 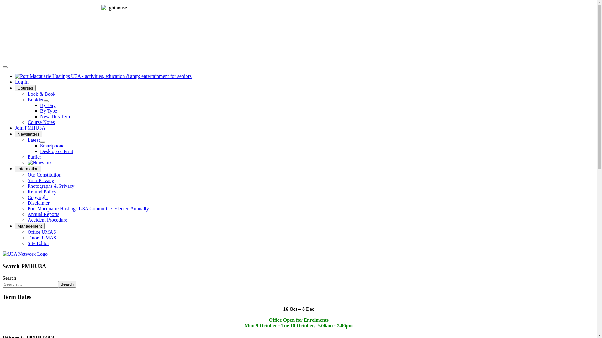 What do you see at coordinates (28, 168) in the screenshot?
I see `'Information'` at bounding box center [28, 168].